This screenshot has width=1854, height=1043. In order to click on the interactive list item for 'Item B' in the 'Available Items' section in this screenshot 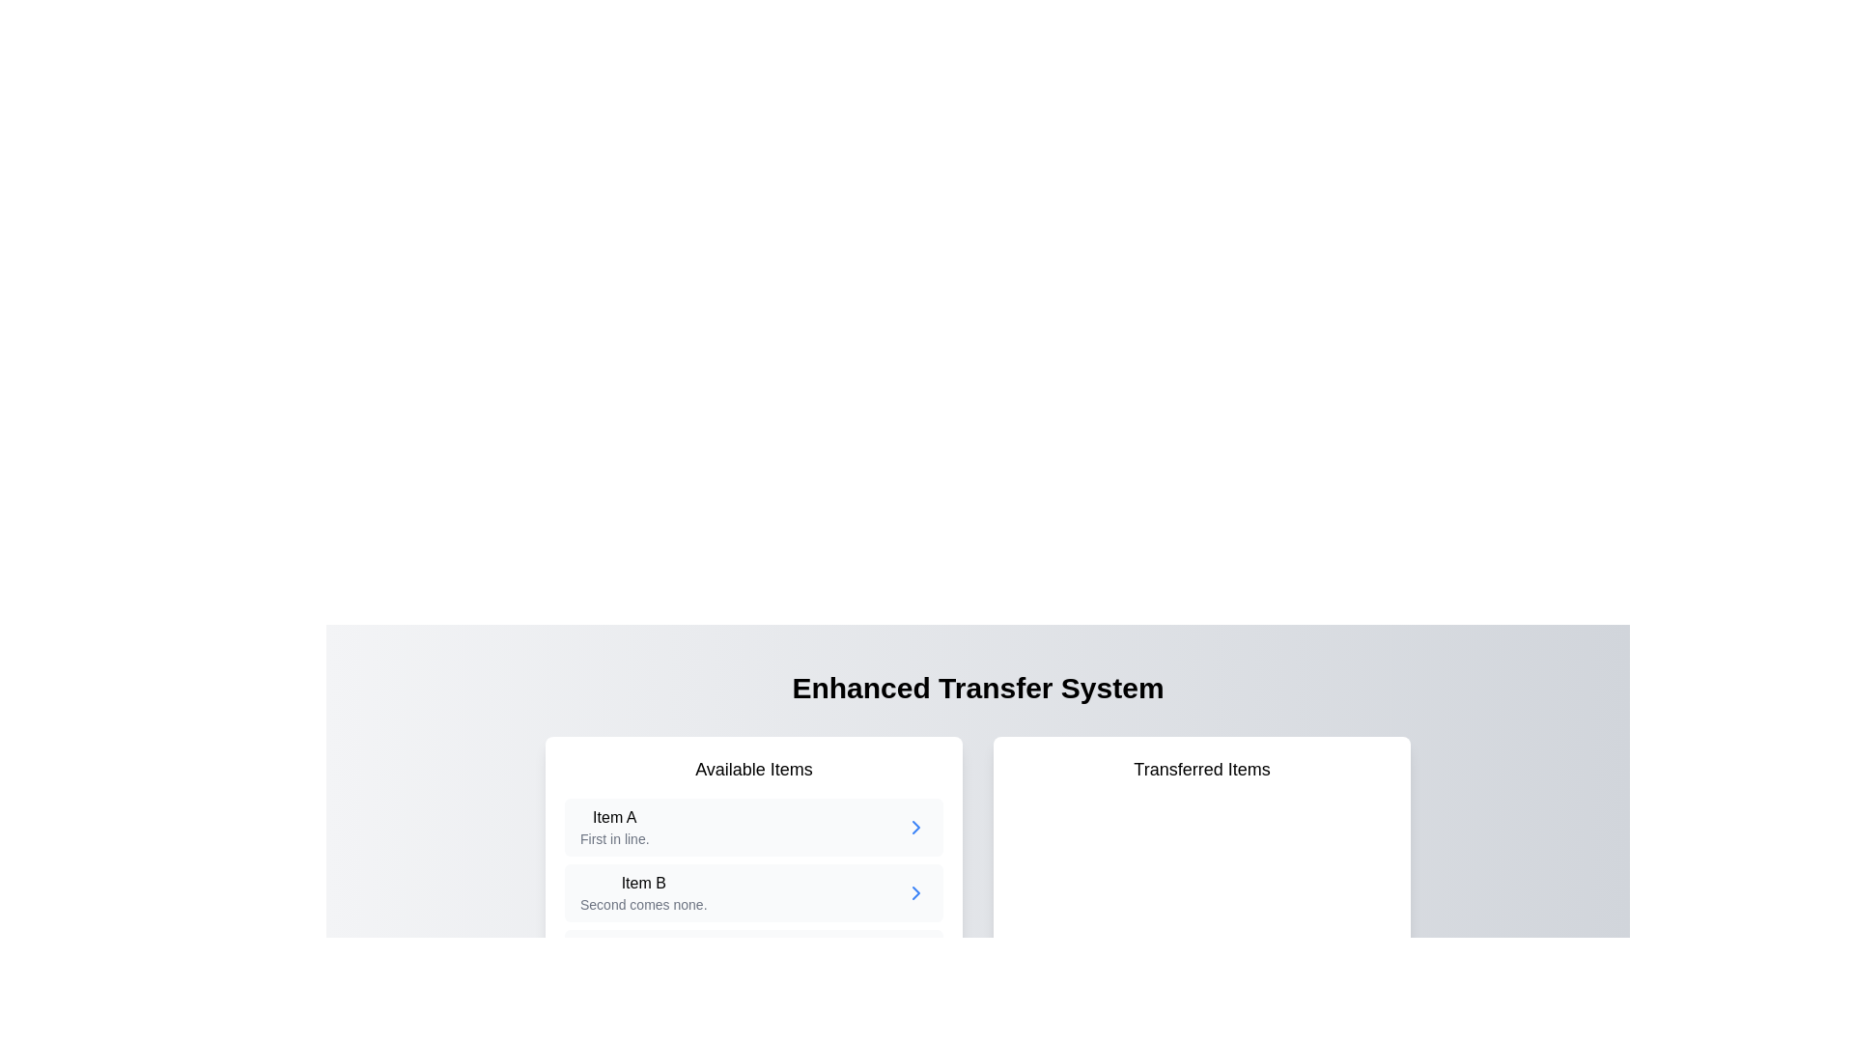, I will do `click(753, 893)`.